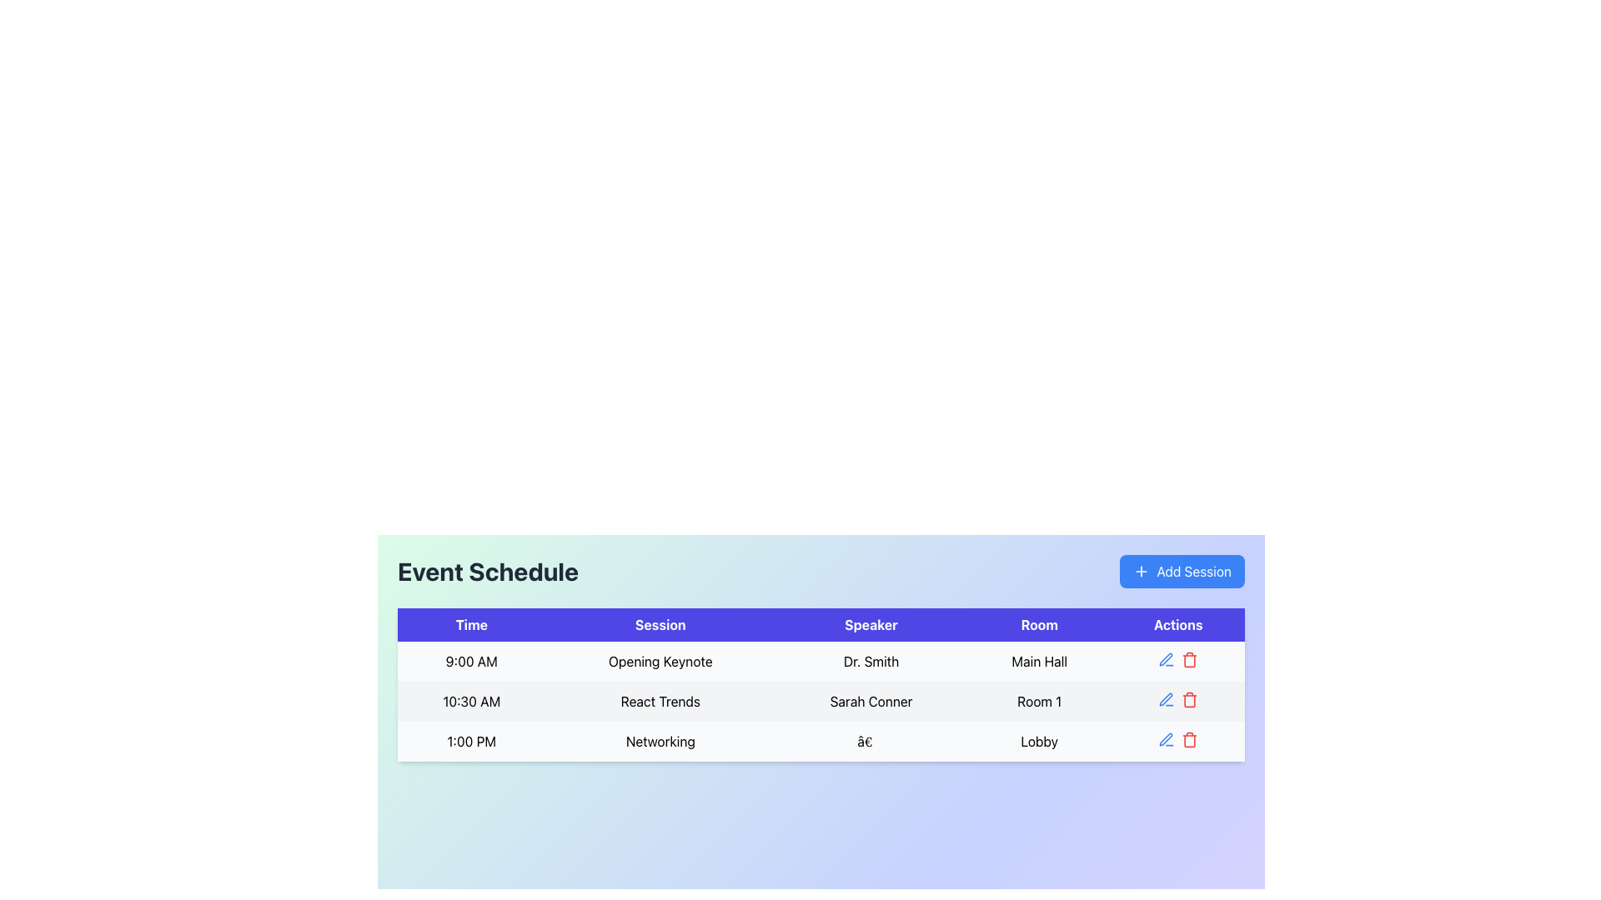 The height and width of the screenshot is (900, 1601). What do you see at coordinates (1038, 661) in the screenshot?
I see `the Text Label indicating the room for the scheduled event` at bounding box center [1038, 661].